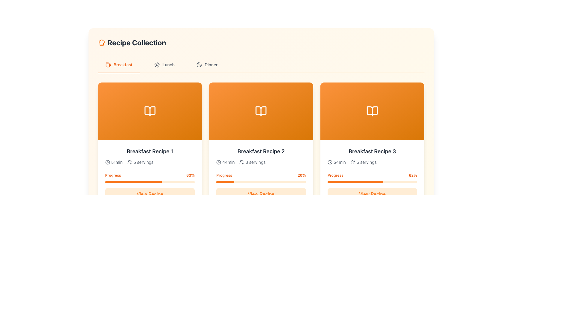 This screenshot has width=576, height=324. I want to click on informational text block displaying progress for 'Breakfast Recipe 1', located above the progress bar, so click(150, 175).